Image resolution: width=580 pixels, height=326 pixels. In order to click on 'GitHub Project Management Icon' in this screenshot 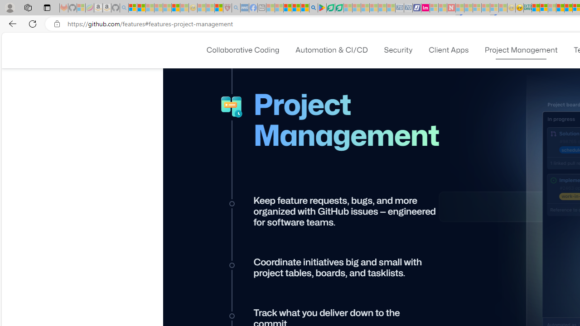, I will do `click(232, 107)`.